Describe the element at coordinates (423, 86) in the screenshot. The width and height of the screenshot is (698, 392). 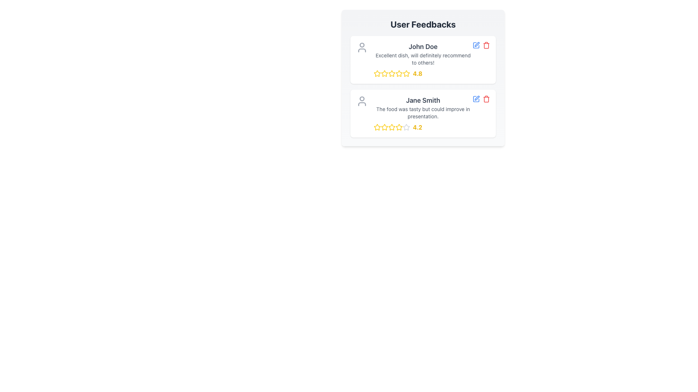
I see `the user review section titled 'User Feedbacks' that displays feedback entries for 'John Doe' and 'Jane Smith'` at that location.